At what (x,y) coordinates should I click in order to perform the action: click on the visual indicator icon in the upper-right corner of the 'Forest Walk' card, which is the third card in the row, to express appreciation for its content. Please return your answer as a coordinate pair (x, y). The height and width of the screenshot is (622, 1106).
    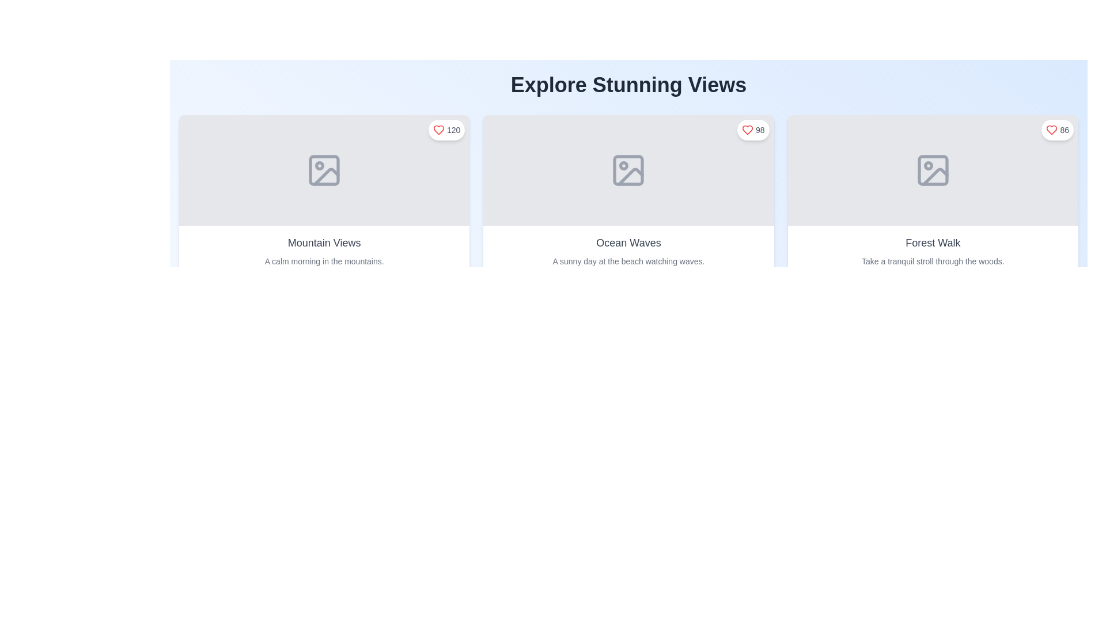
    Looking at the image, I should click on (1052, 130).